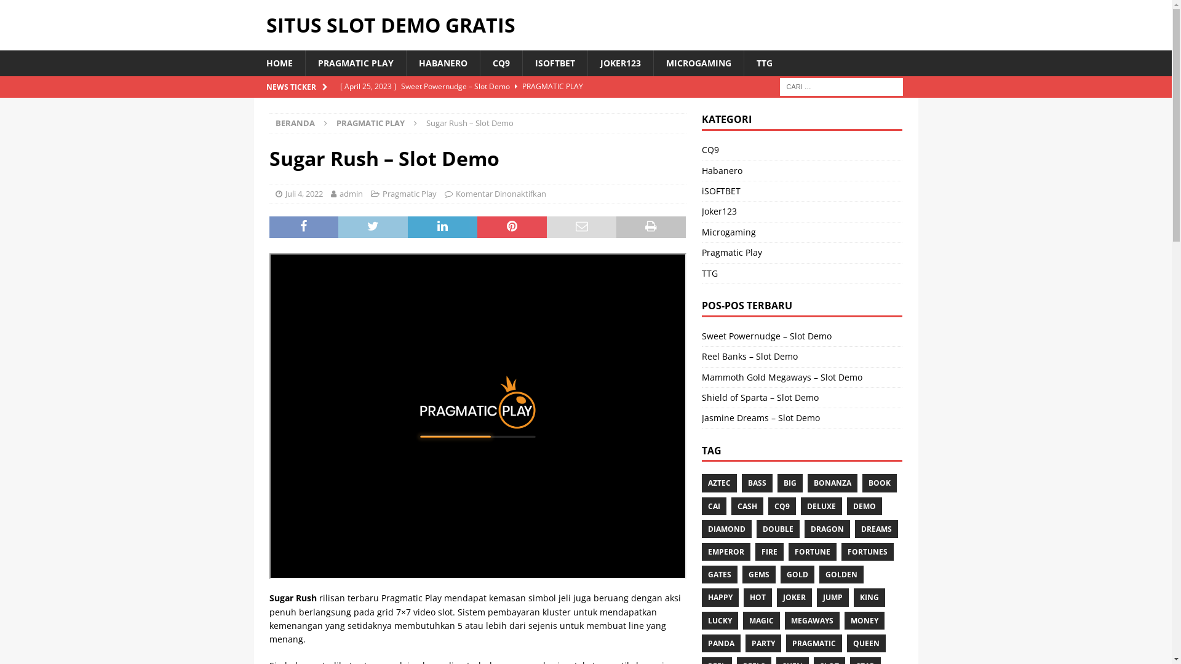 The height and width of the screenshot is (664, 1181). Describe the element at coordinates (755, 551) in the screenshot. I see `'FIRE'` at that location.